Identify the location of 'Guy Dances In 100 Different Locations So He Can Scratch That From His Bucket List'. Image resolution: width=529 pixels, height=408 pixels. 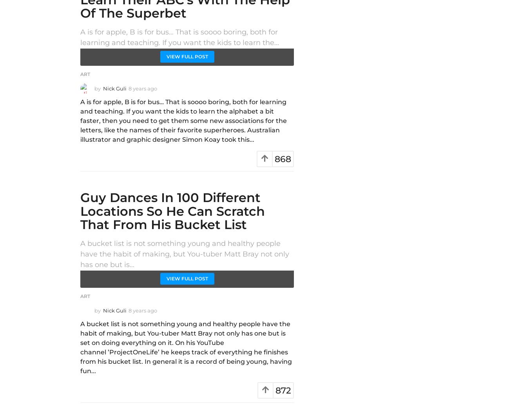
(172, 210).